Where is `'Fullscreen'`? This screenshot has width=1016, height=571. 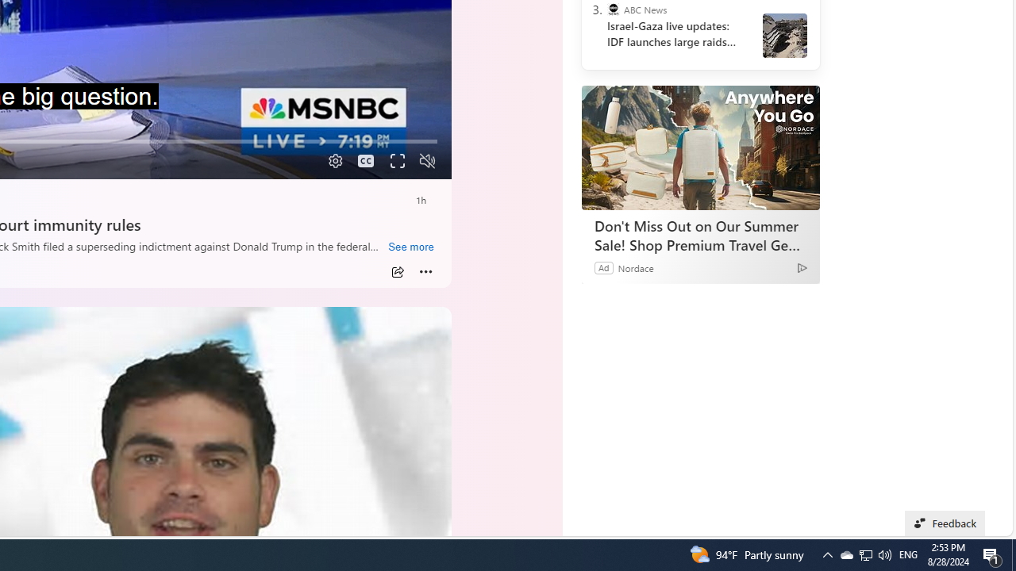
'Fullscreen' is located at coordinates (398, 161).